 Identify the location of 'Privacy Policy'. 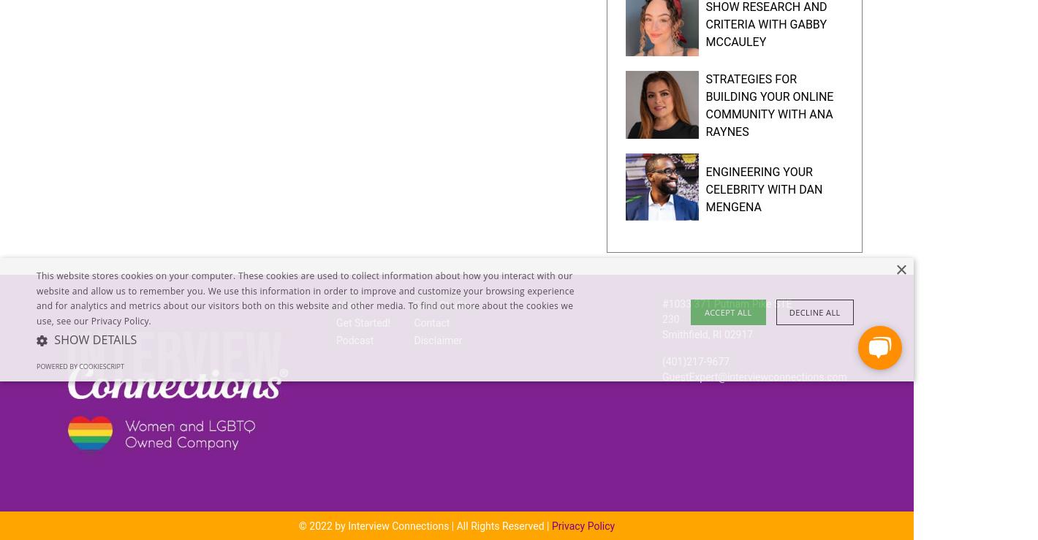
(583, 526).